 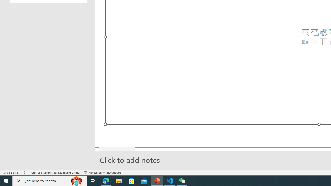 What do you see at coordinates (314, 32) in the screenshot?
I see `'Pictures'` at bounding box center [314, 32].